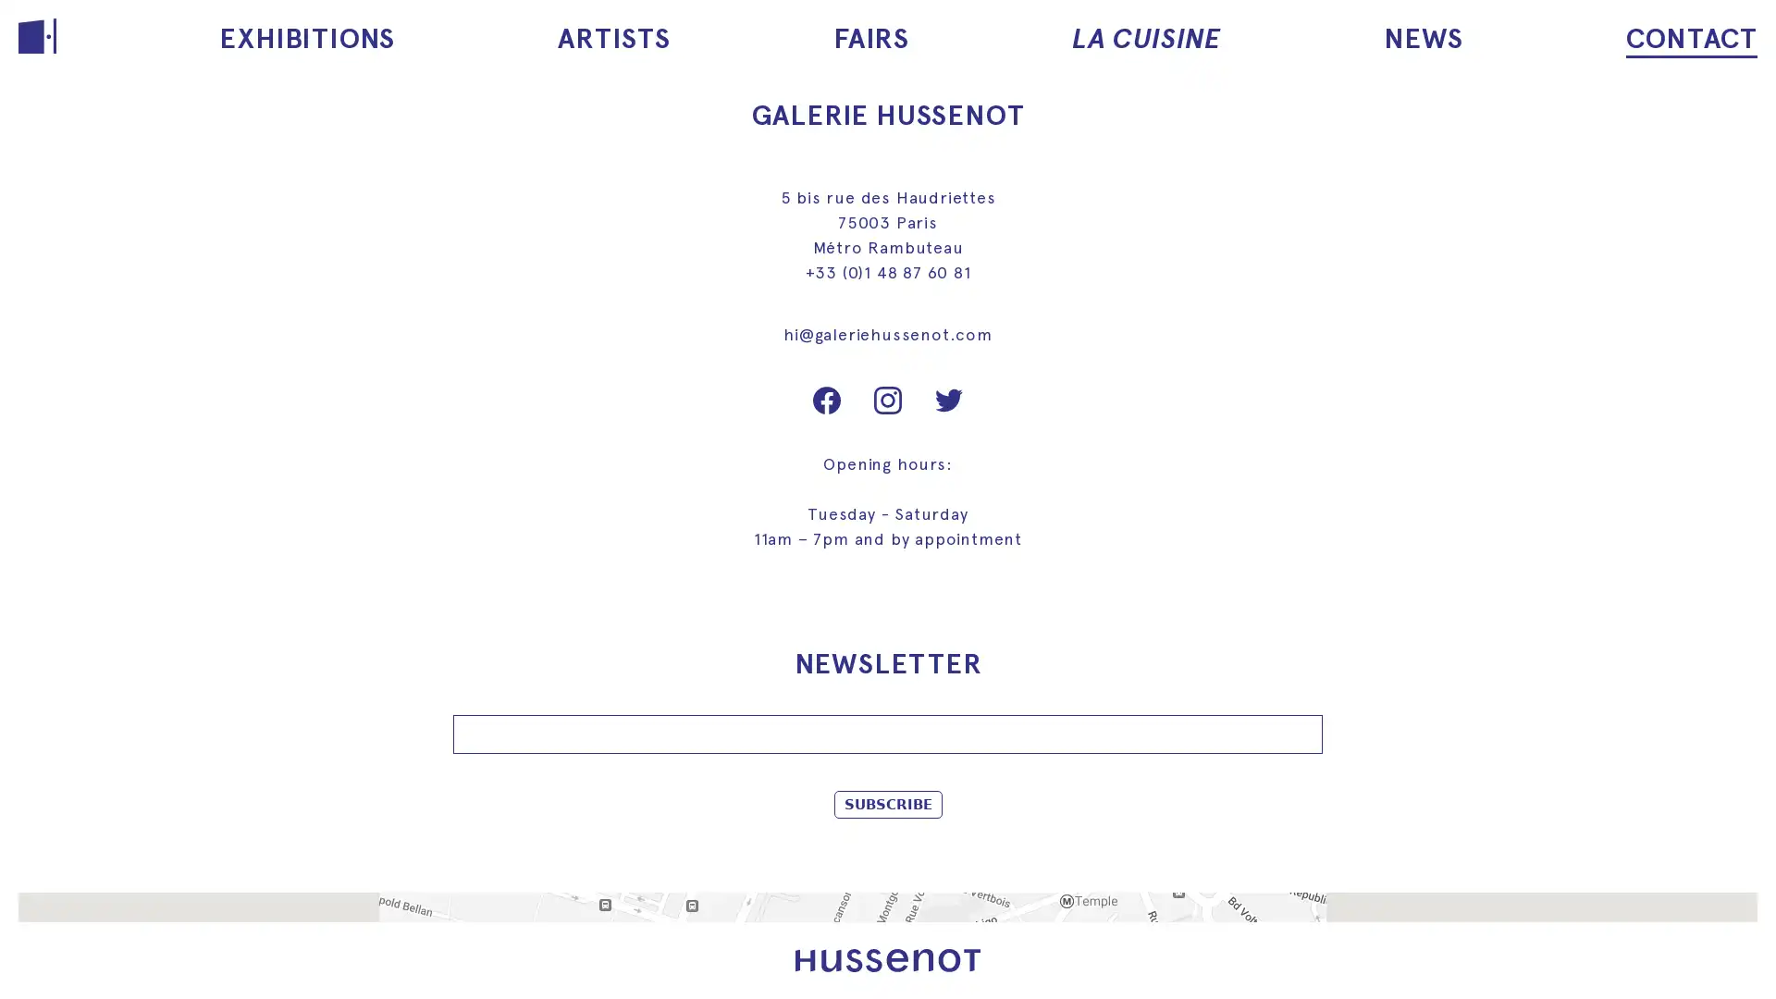 The height and width of the screenshot is (999, 1776). Describe the element at coordinates (1729, 919) in the screenshot. I see `Toggle fullscreen view` at that location.